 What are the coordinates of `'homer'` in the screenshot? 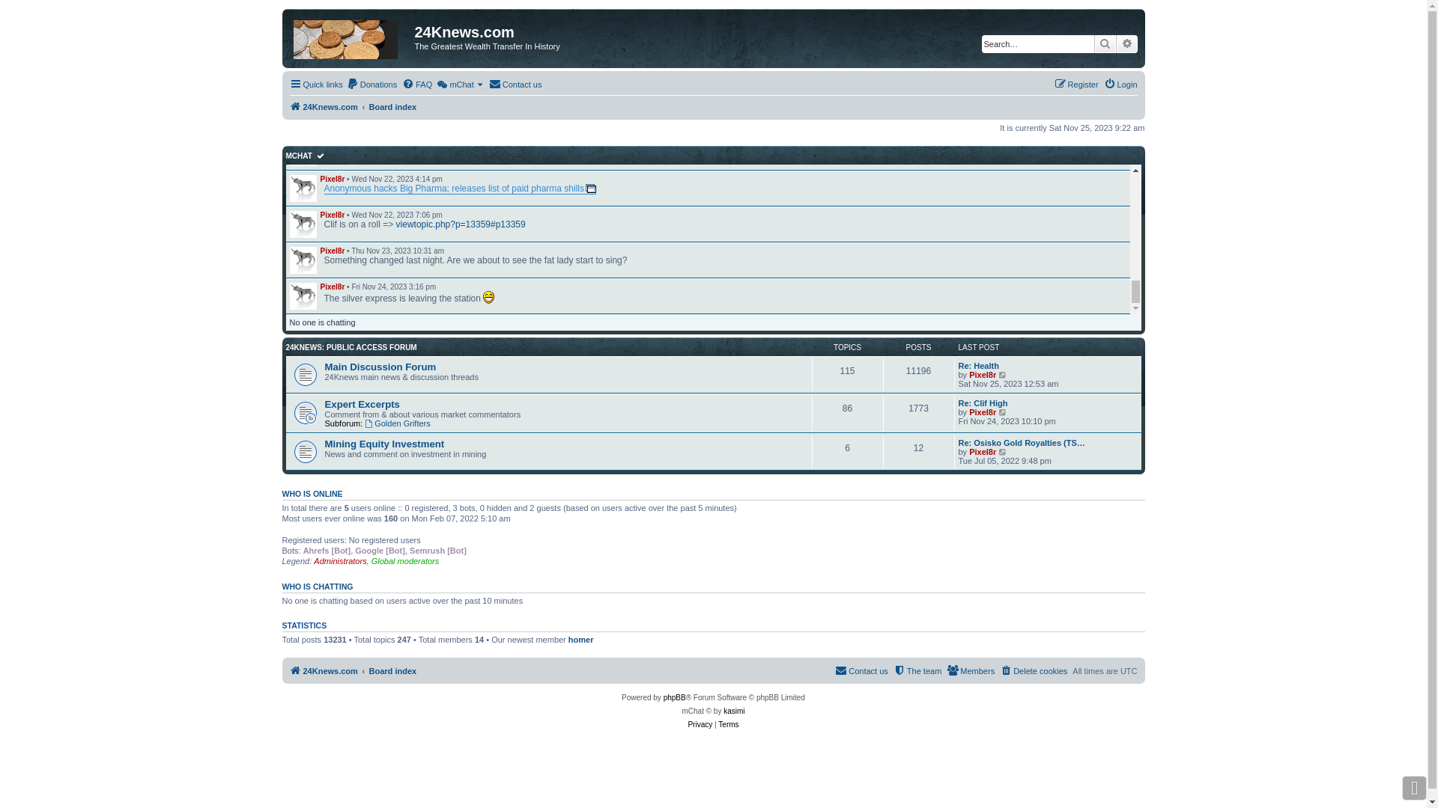 It's located at (580, 640).